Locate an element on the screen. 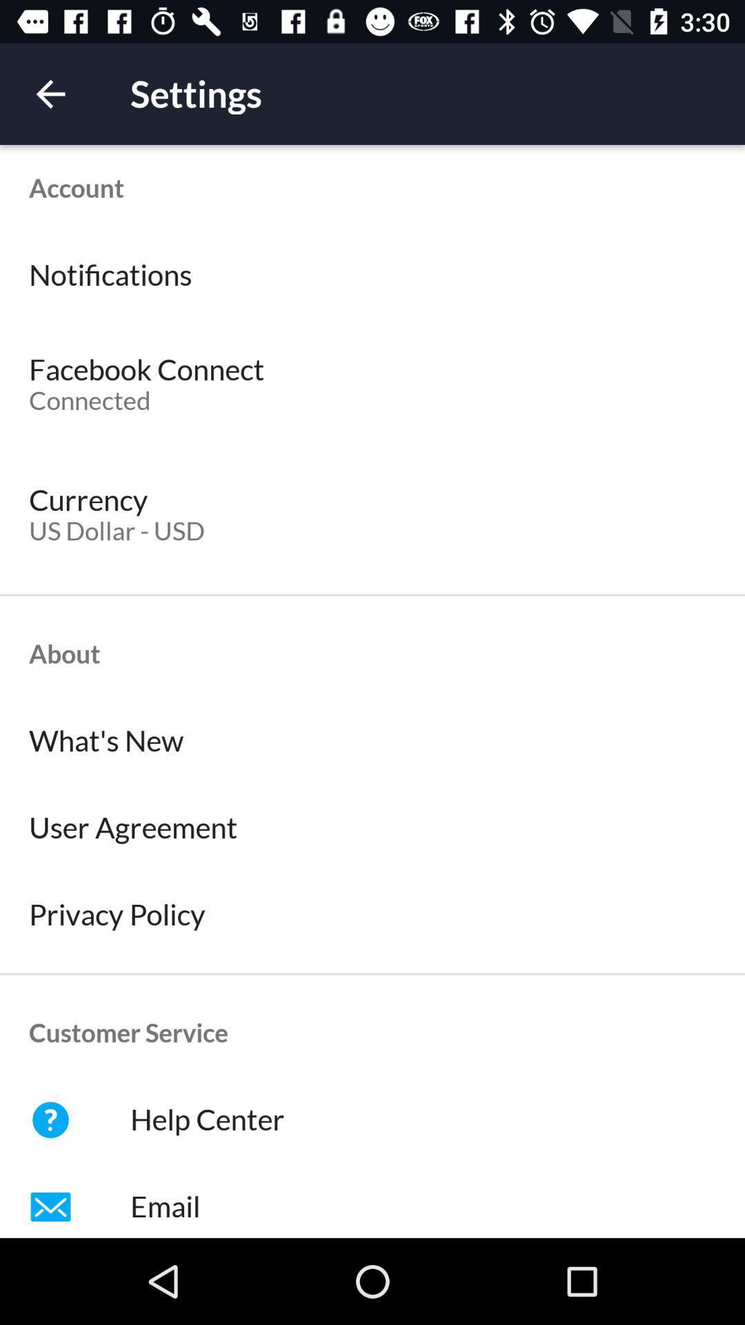 The image size is (745, 1325). icon above account icon is located at coordinates (50, 93).